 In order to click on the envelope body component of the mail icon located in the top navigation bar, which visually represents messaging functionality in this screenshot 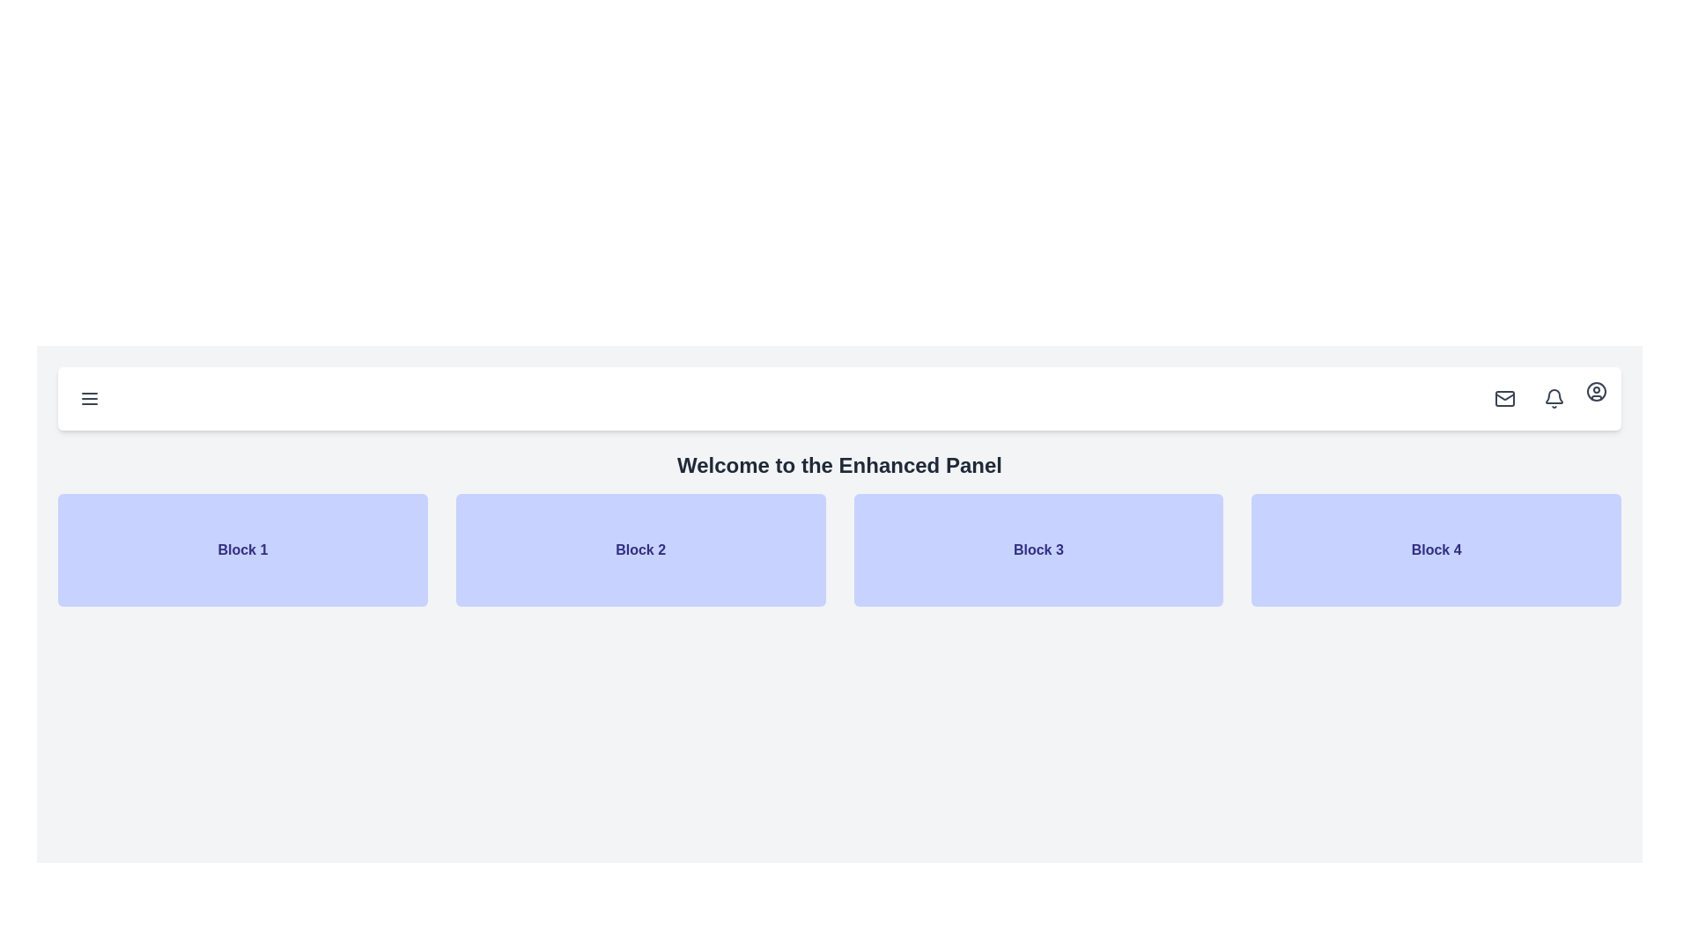, I will do `click(1503, 398)`.